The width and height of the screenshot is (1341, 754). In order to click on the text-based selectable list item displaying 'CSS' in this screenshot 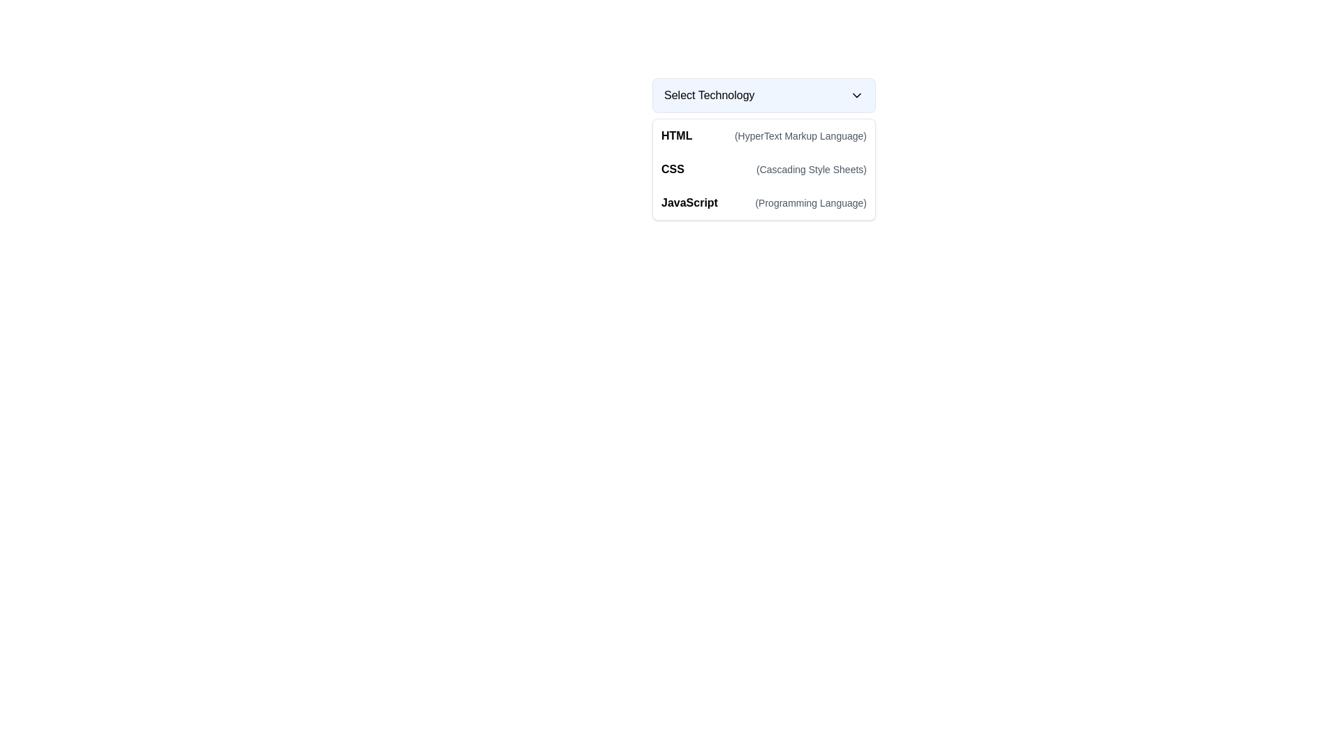, I will do `click(763, 169)`.